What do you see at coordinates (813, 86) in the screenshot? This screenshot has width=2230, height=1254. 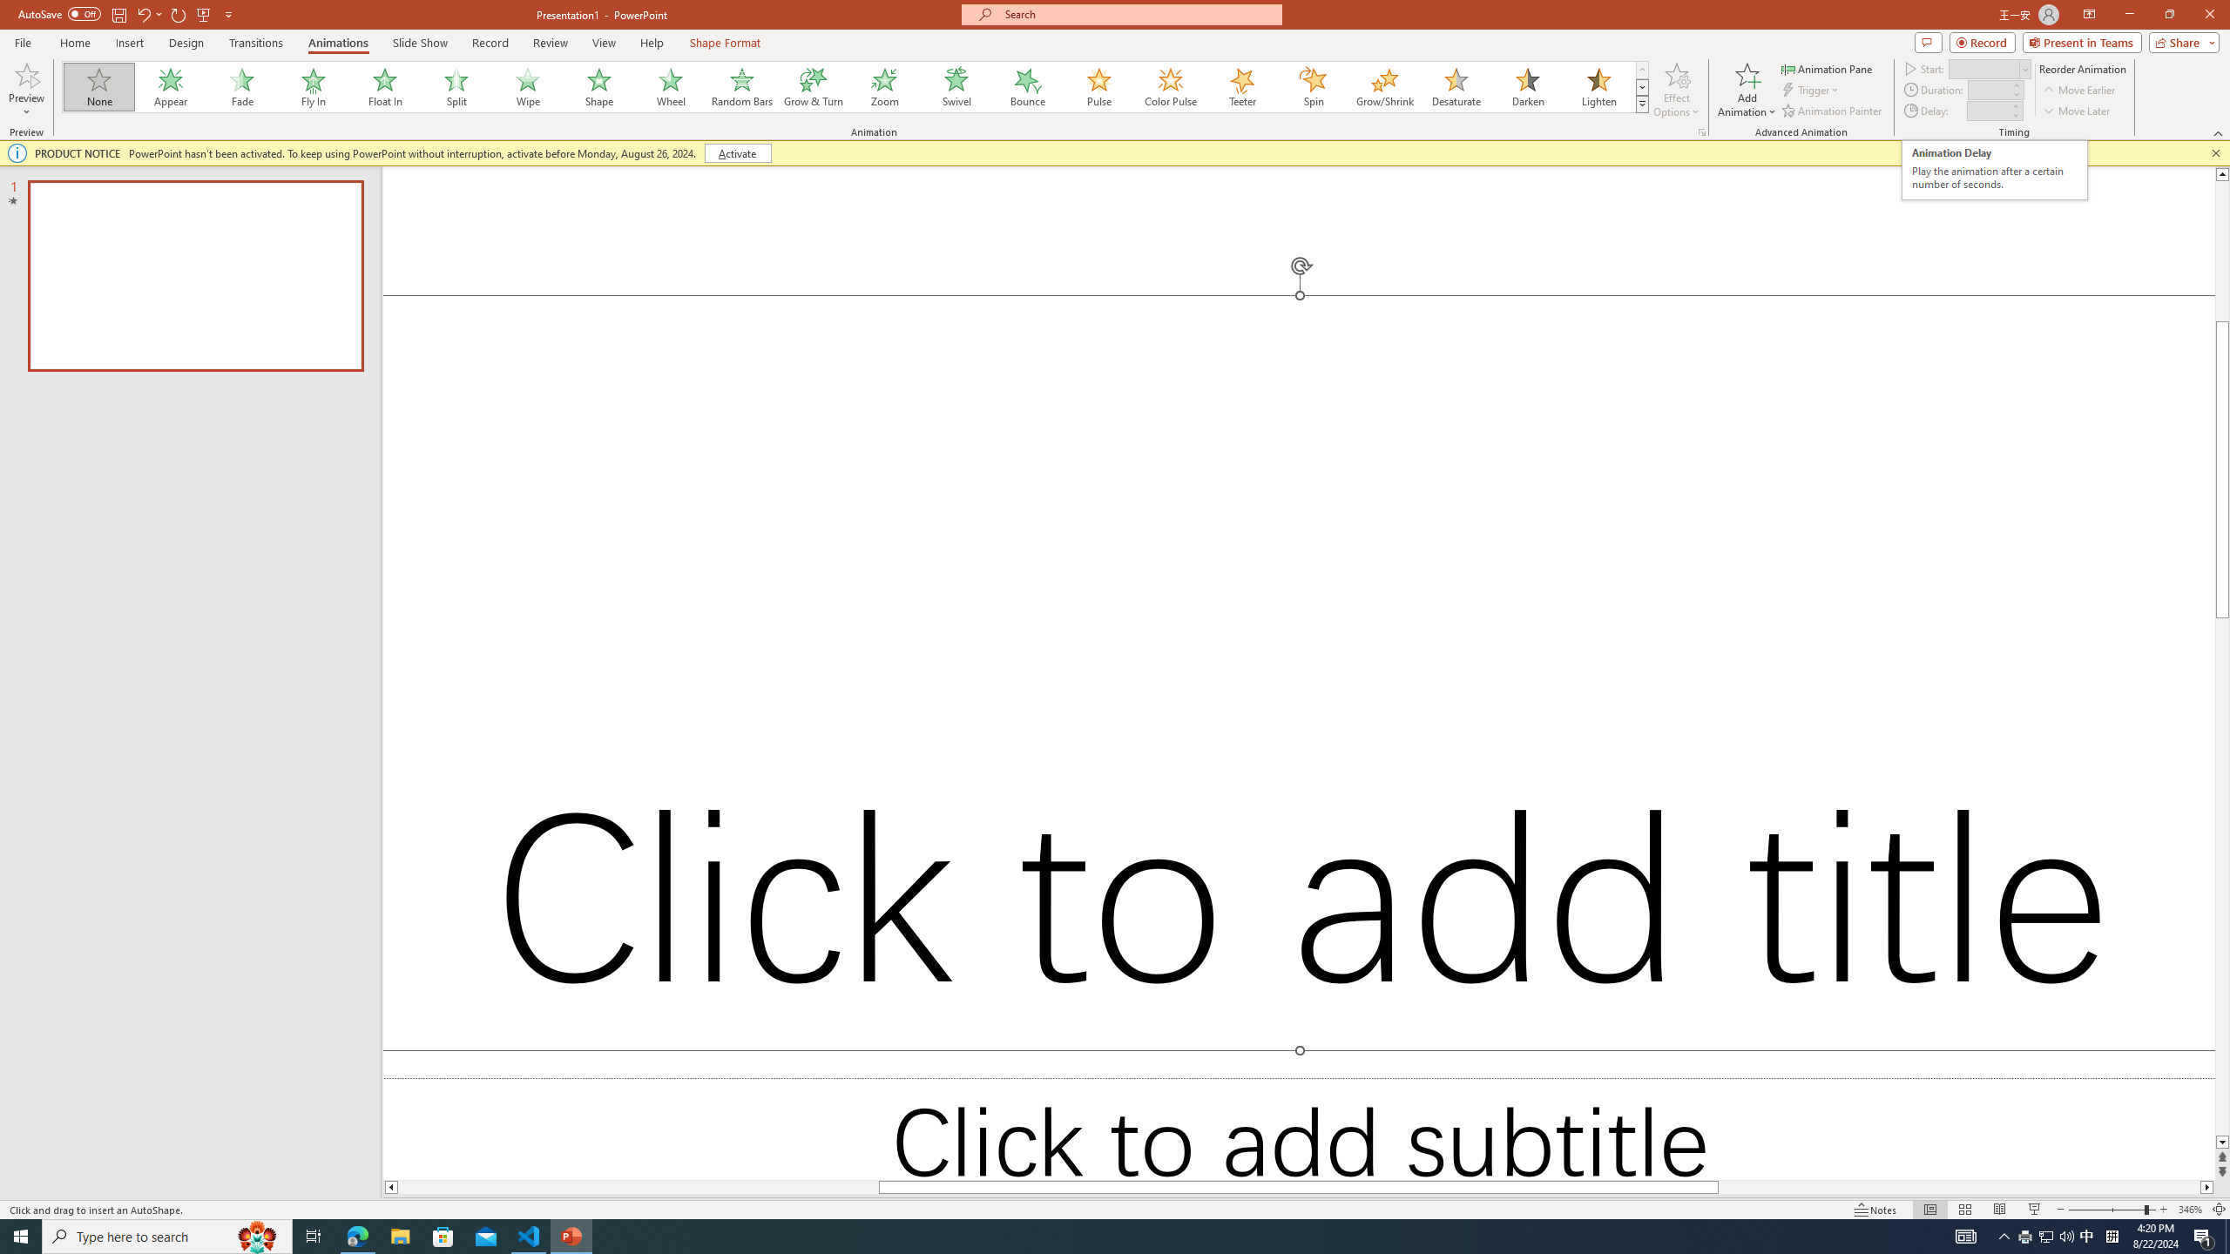 I see `'Grow & Turn'` at bounding box center [813, 86].